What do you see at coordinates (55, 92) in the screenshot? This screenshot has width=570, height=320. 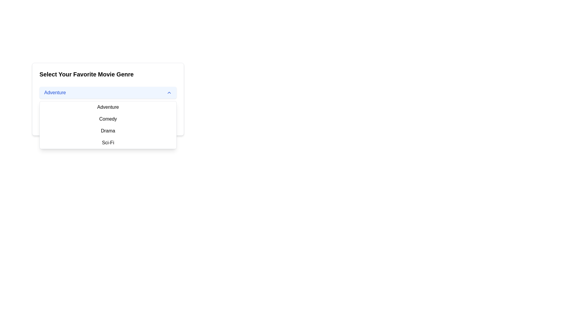 I see `the text label indicating the currently selected movie genre in the dropdown menu` at bounding box center [55, 92].